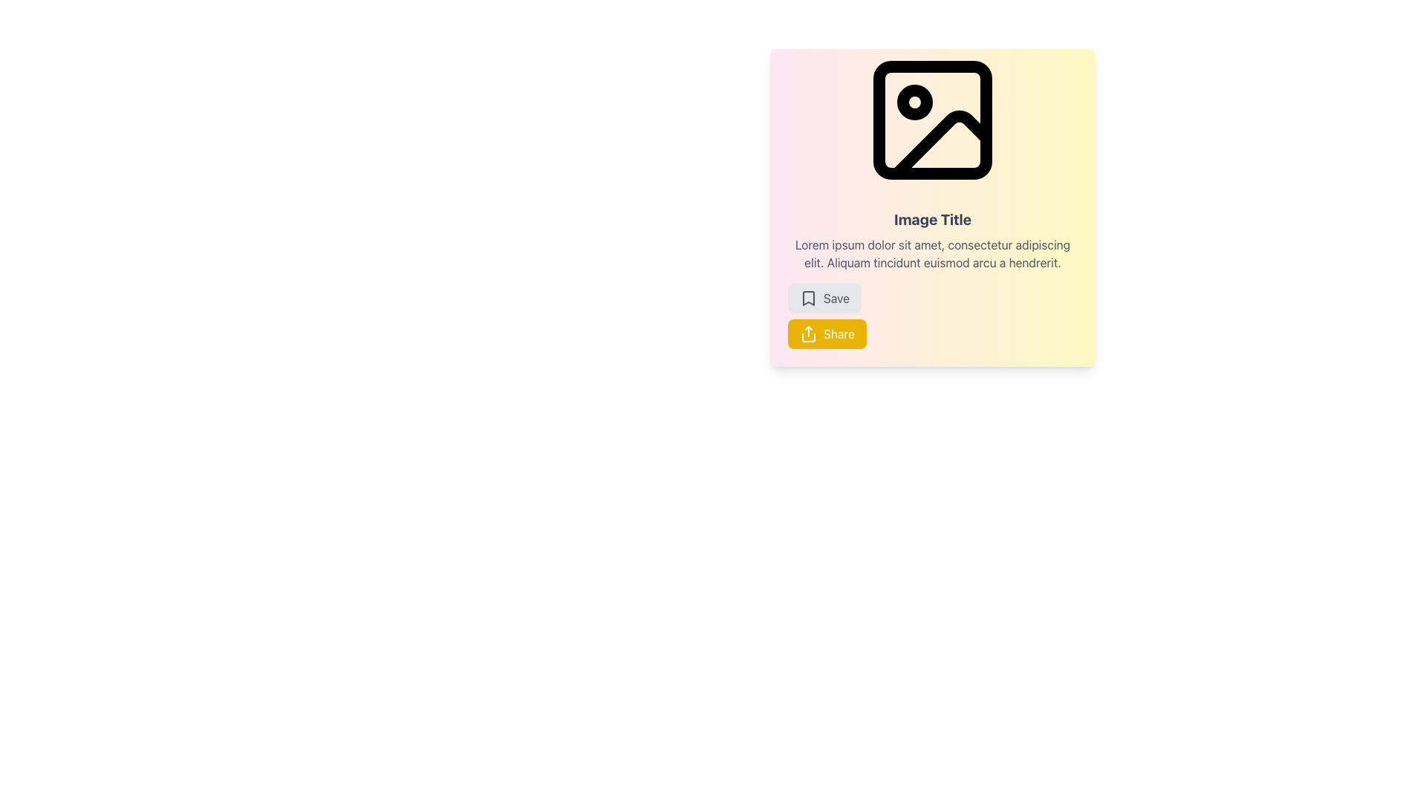 Image resolution: width=1426 pixels, height=802 pixels. Describe the element at coordinates (932, 253) in the screenshot. I see `the text content area that provides detailed information, located below the 'Image Title' and above the 'Save' and 'Share' buttons in the card layout` at that location.